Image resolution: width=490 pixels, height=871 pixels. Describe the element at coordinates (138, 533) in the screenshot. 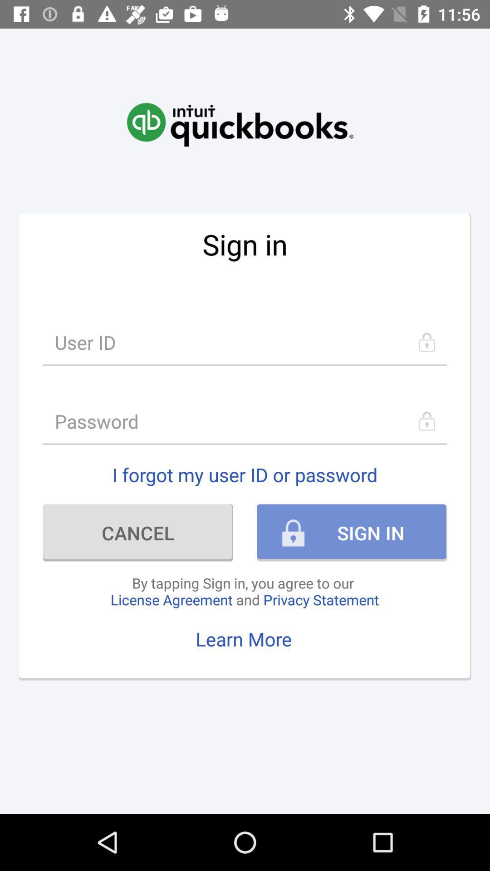

I see `the icon to the left of the sign in` at that location.